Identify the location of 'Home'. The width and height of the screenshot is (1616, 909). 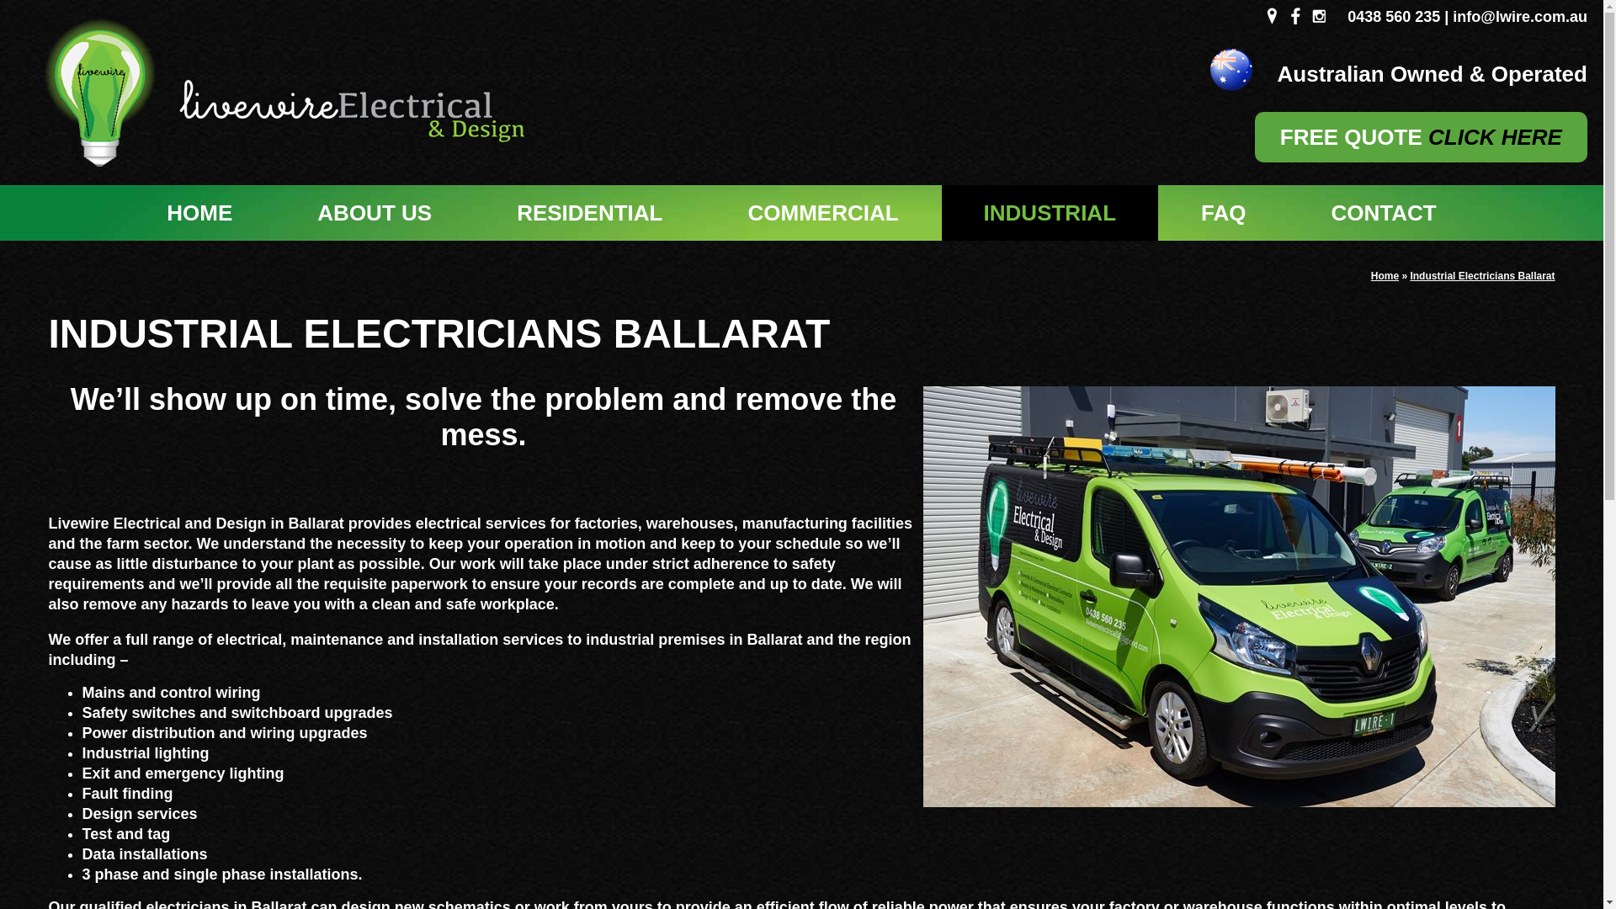
(1385, 274).